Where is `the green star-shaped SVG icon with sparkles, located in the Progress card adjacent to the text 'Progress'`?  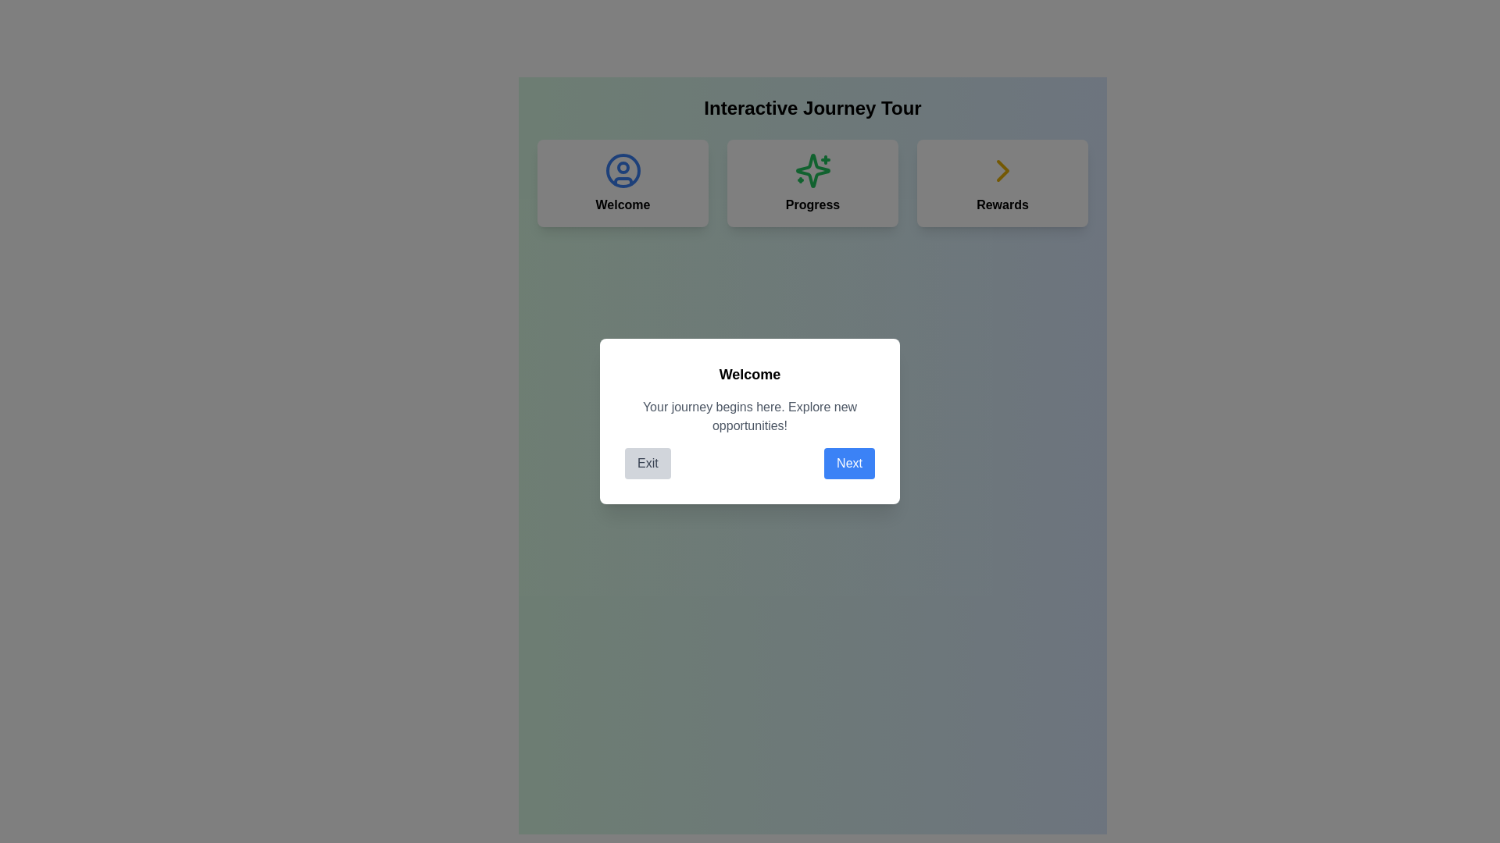
the green star-shaped SVG icon with sparkles, located in the Progress card adjacent to the text 'Progress' is located at coordinates (812, 171).